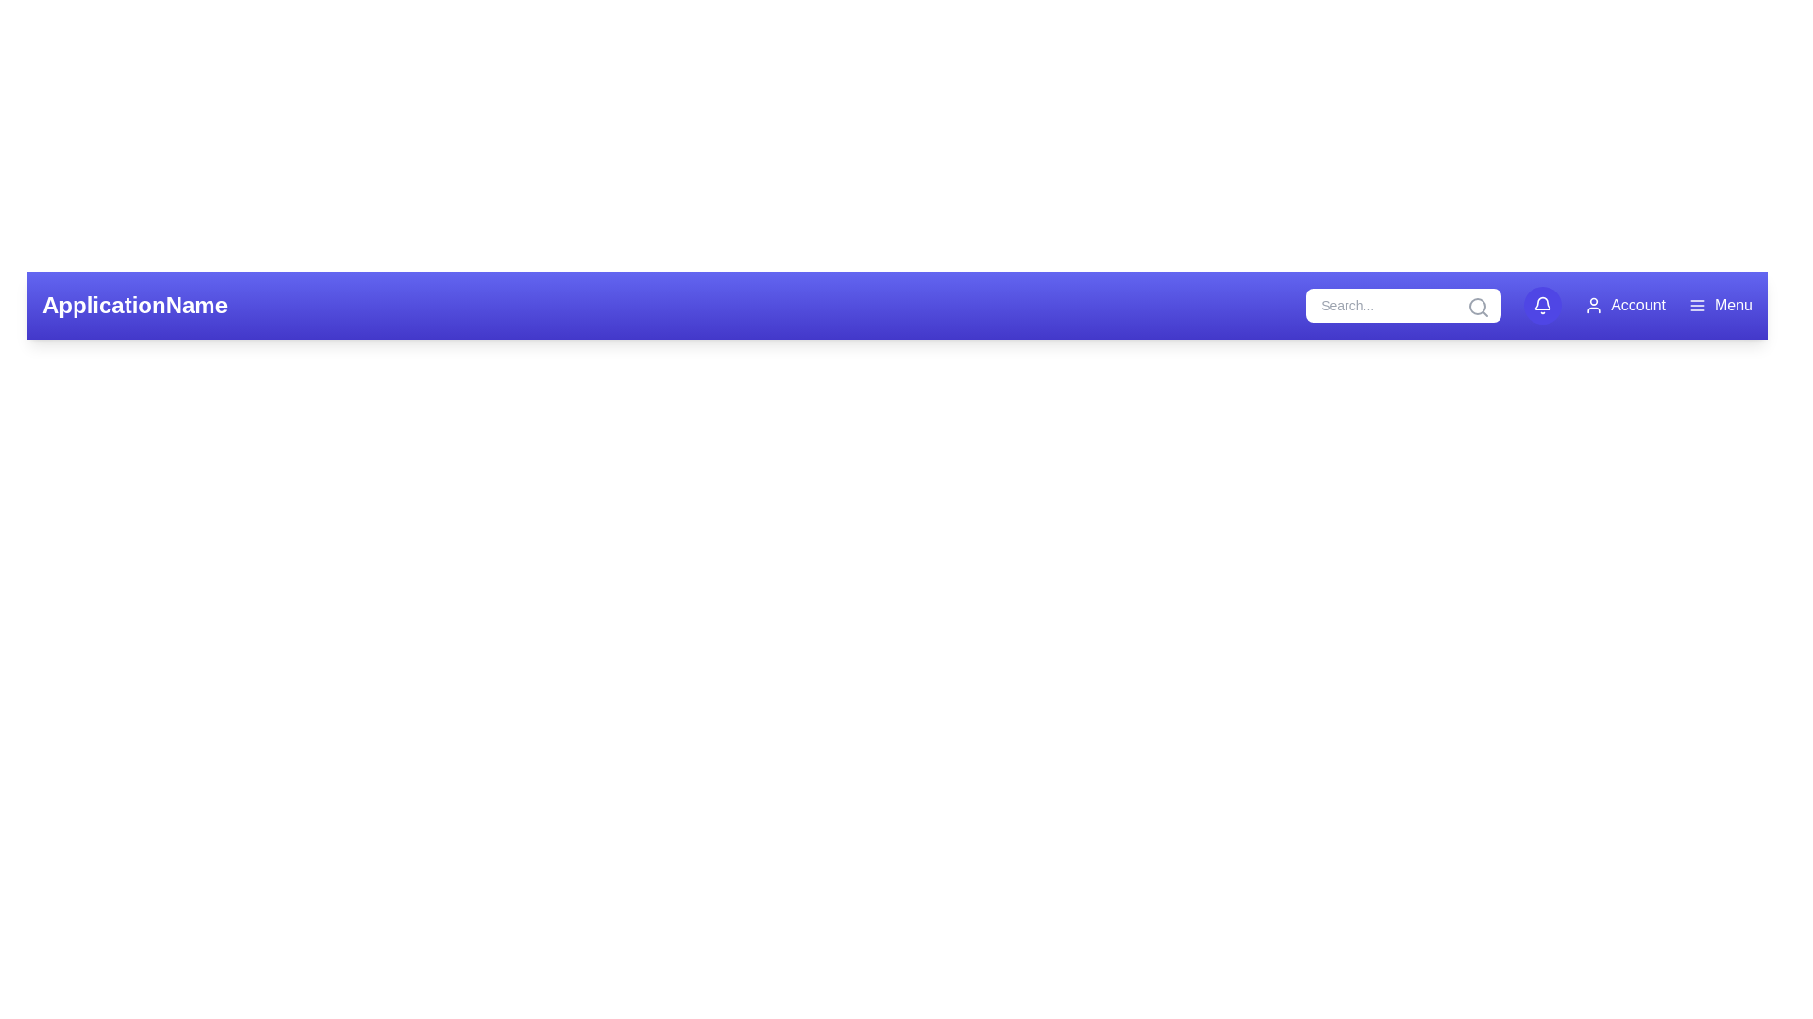 The width and height of the screenshot is (1813, 1019). Describe the element at coordinates (1720, 305) in the screenshot. I see `menu button located at the top-right corner of the app bar` at that location.